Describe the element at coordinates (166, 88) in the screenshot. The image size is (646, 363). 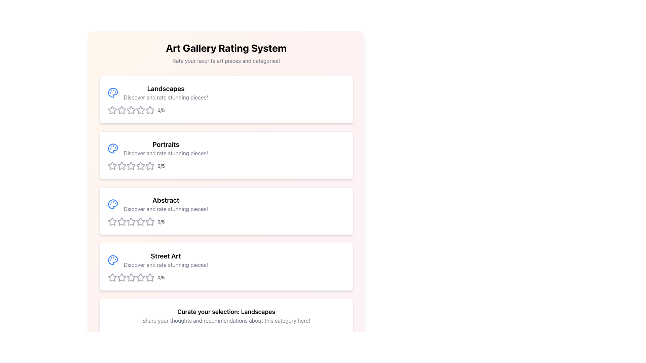
I see `the text component displaying 'Landscapes' in bold font, located at the top of the art categories section` at that location.